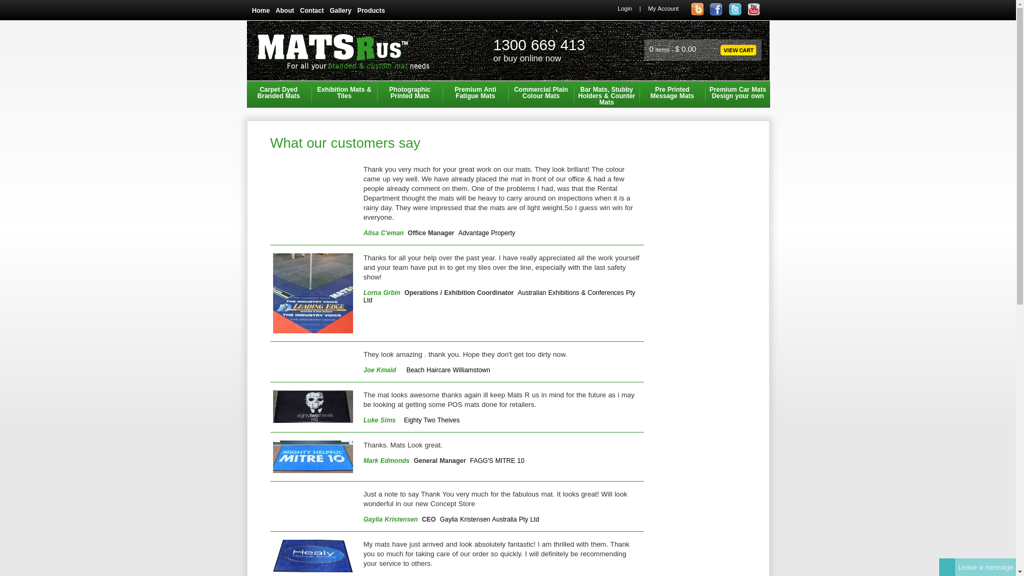 This screenshot has height=576, width=1024. What do you see at coordinates (671, 94) in the screenshot?
I see `'Pre Printed Message Mats'` at bounding box center [671, 94].